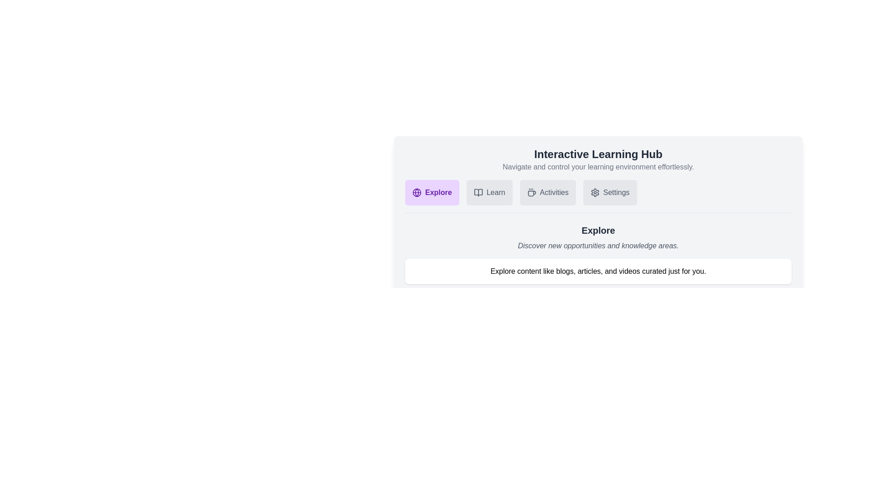  What do you see at coordinates (547, 192) in the screenshot?
I see `the 'Activities' button in the navigation bar to observe any visual feedback` at bounding box center [547, 192].